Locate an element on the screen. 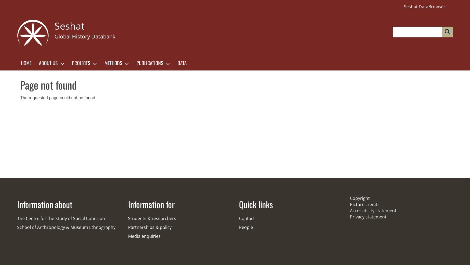  'Information for' is located at coordinates (151, 204).